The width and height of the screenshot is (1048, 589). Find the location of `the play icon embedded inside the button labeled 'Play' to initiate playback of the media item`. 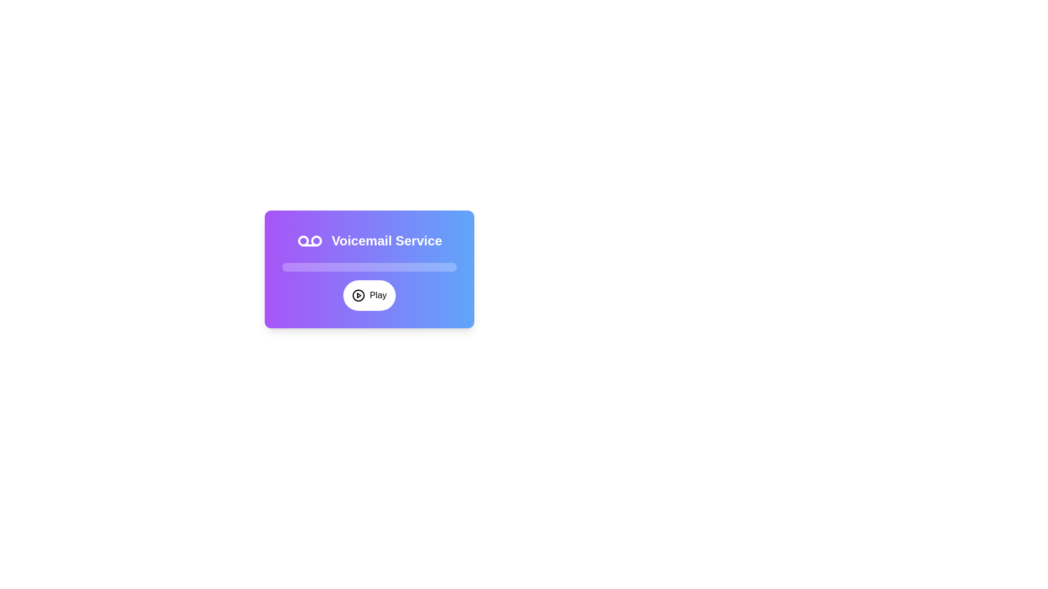

the play icon embedded inside the button labeled 'Play' to initiate playback of the media item is located at coordinates (359, 296).